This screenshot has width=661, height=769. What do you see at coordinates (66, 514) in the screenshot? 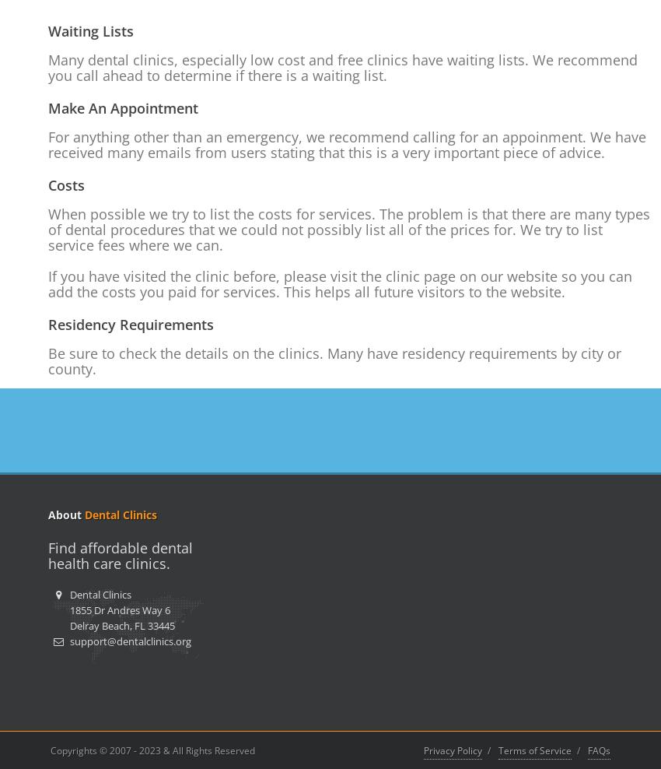
I see `'About'` at bounding box center [66, 514].